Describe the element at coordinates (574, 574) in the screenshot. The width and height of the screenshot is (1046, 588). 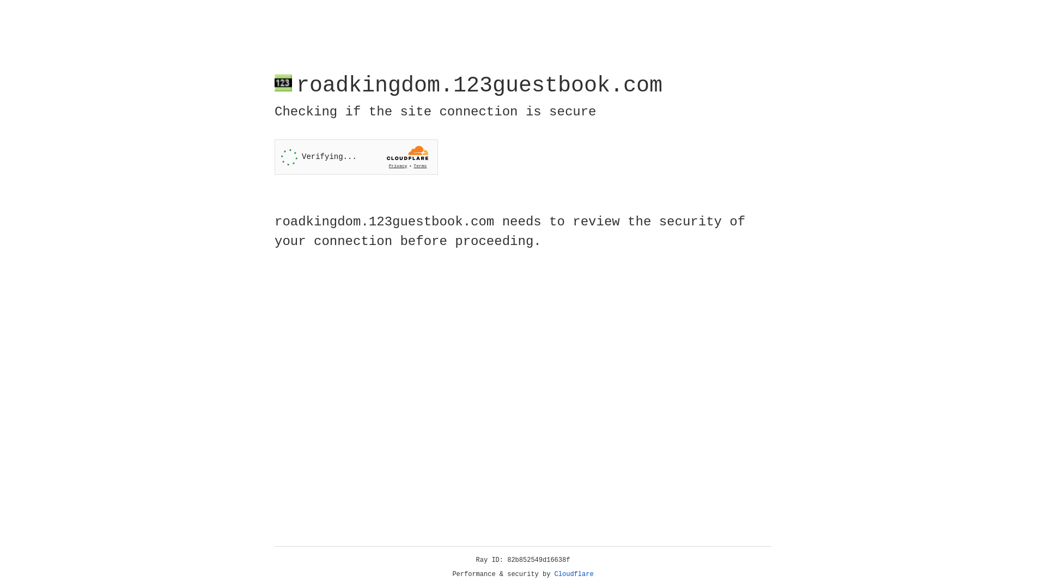
I see `'Cloudflare'` at that location.